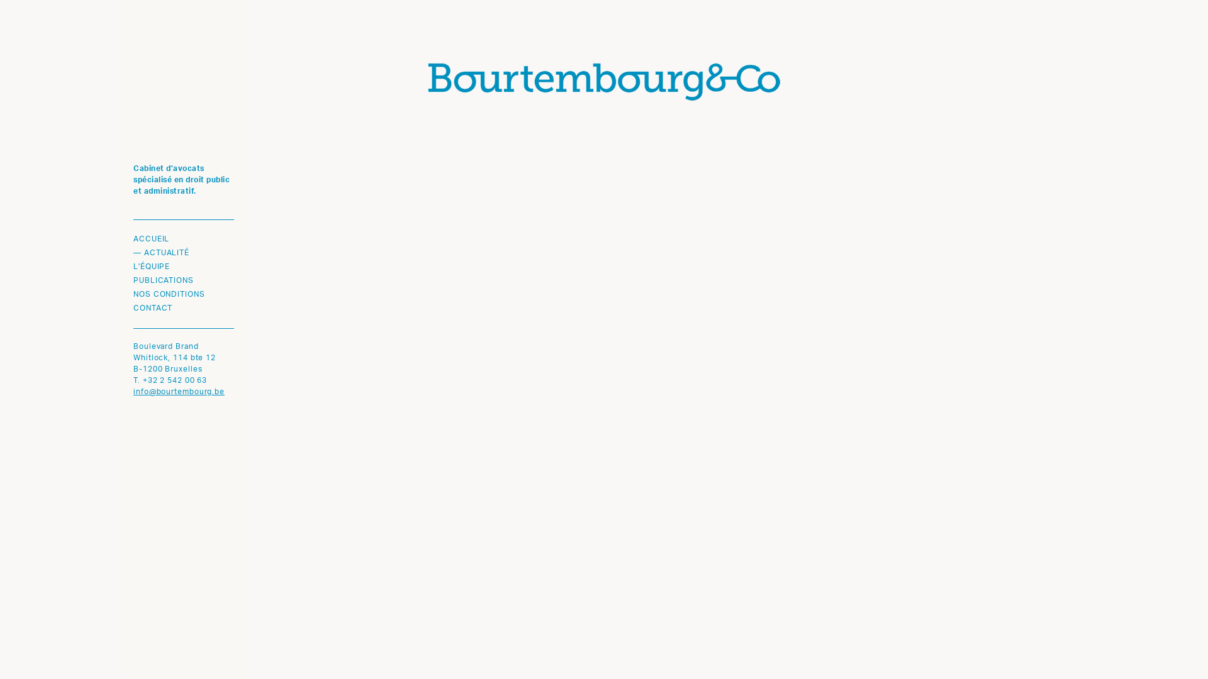  Describe the element at coordinates (183, 240) in the screenshot. I see `'ACCUEIL'` at that location.